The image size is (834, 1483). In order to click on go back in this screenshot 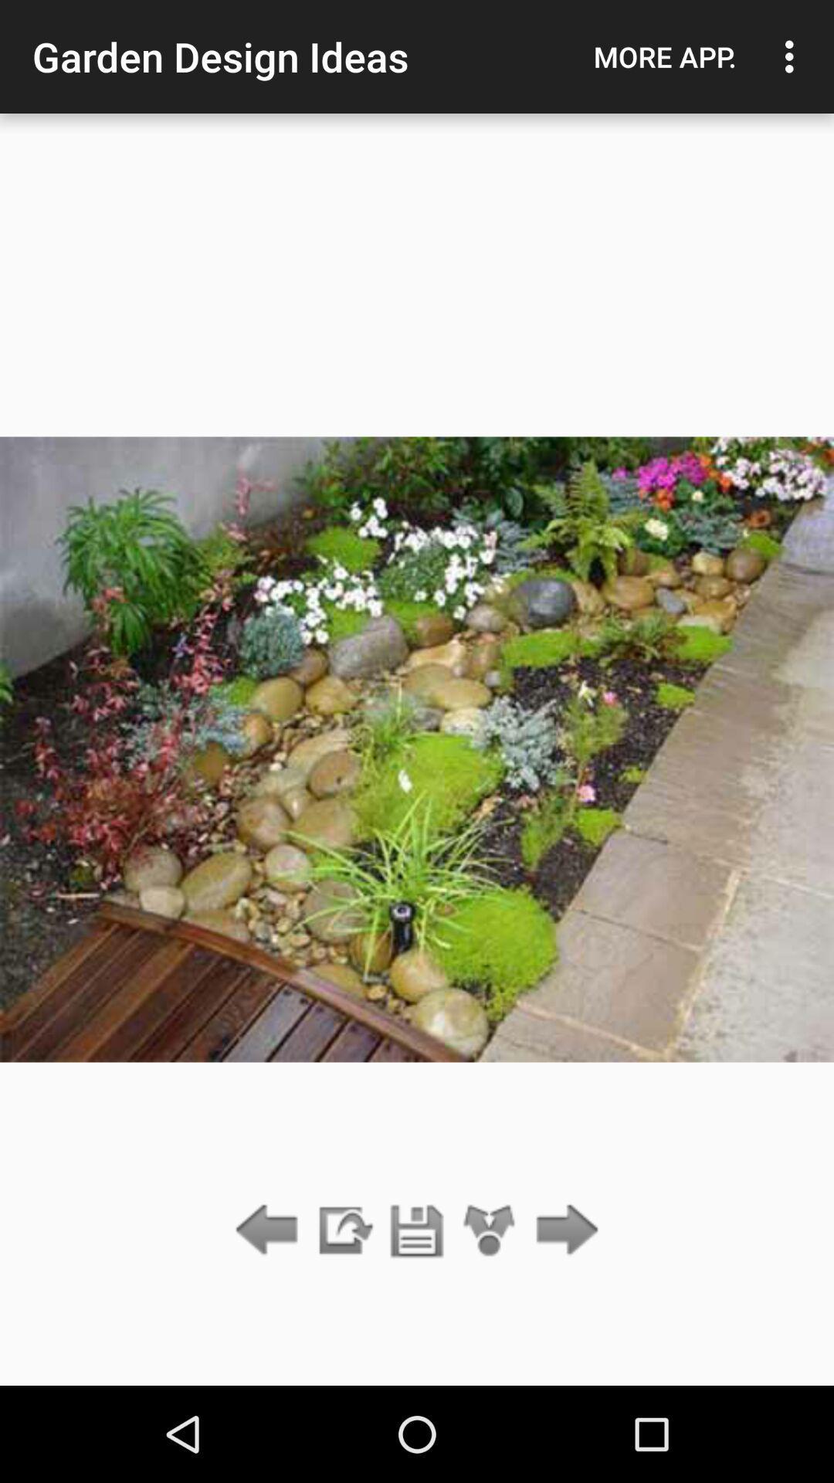, I will do `click(270, 1230)`.